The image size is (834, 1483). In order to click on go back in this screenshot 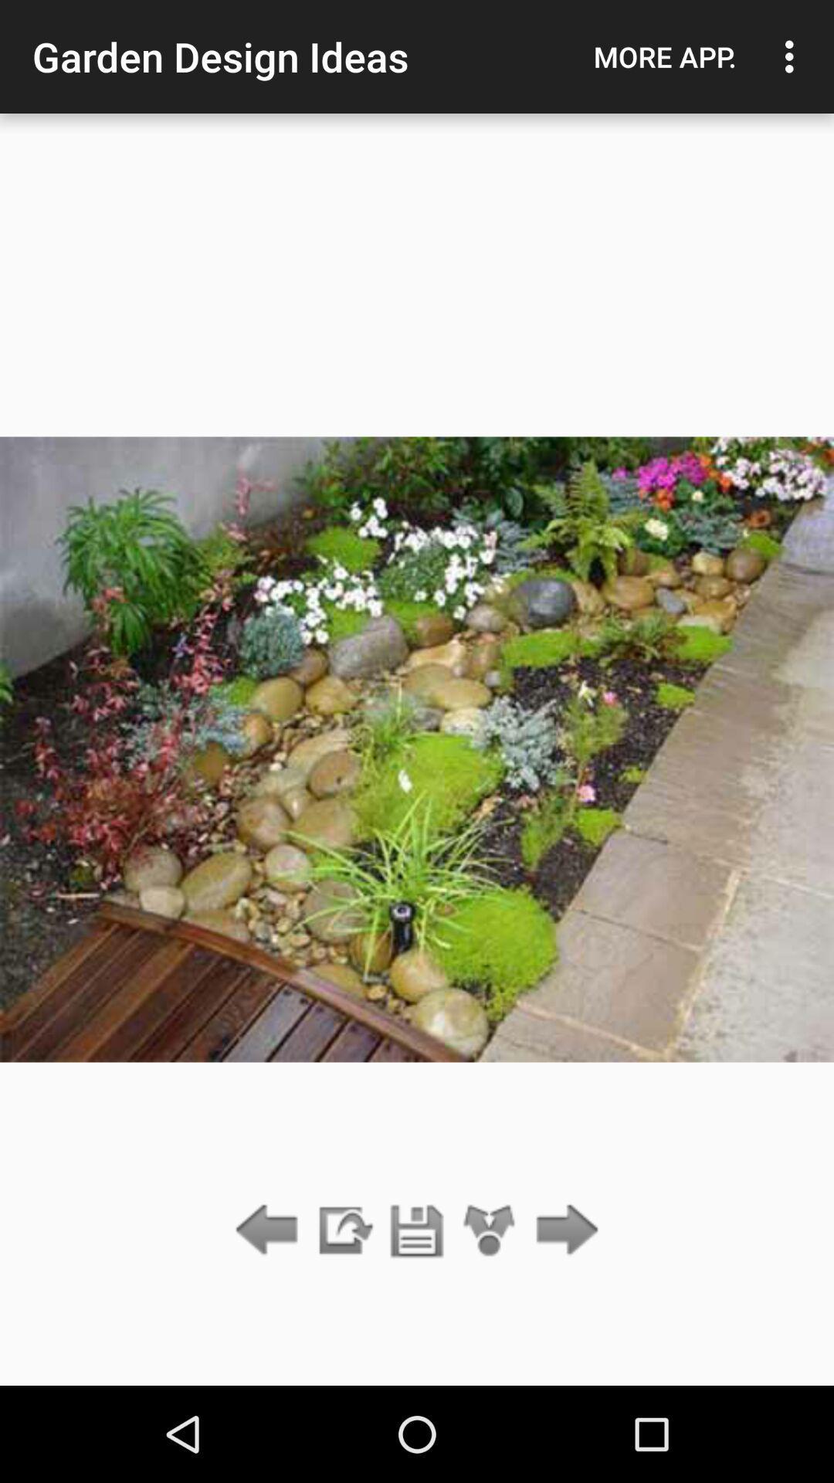, I will do `click(270, 1230)`.